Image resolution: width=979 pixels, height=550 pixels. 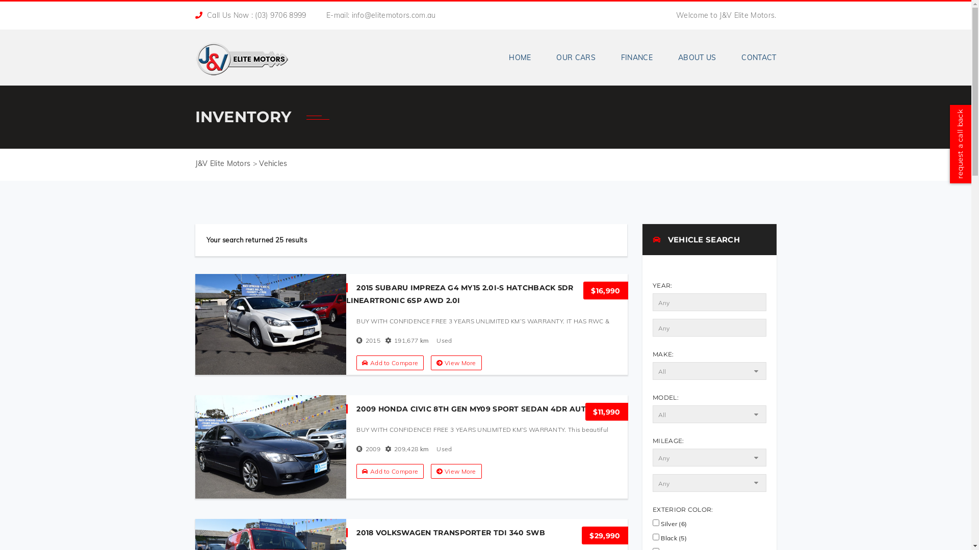 What do you see at coordinates (520, 57) in the screenshot?
I see `'HOME'` at bounding box center [520, 57].